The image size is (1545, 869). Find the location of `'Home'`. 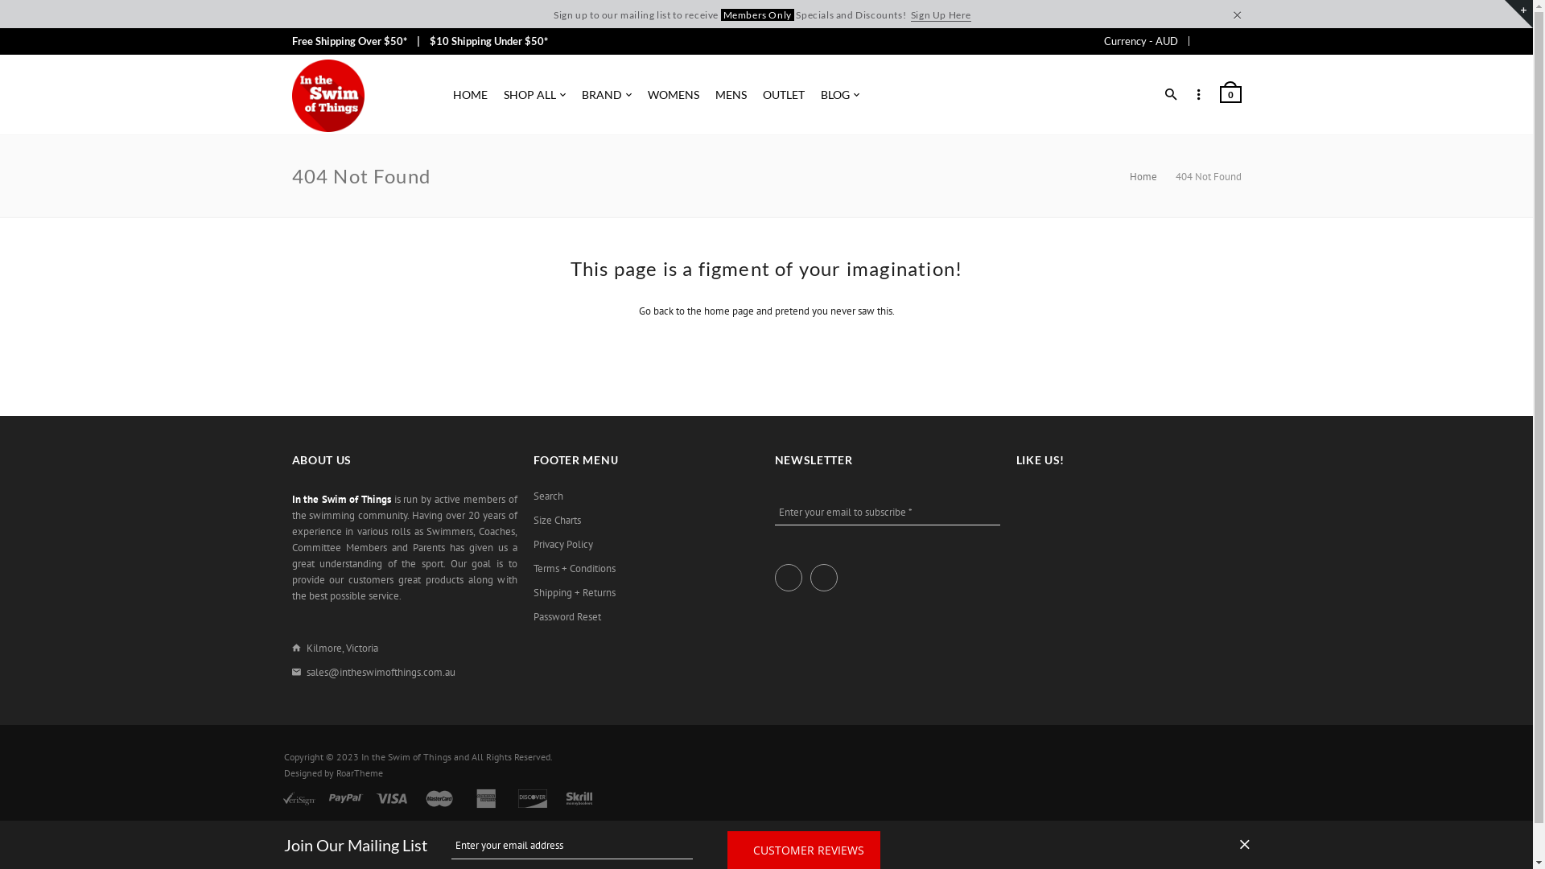

'Home' is located at coordinates (1128, 176).